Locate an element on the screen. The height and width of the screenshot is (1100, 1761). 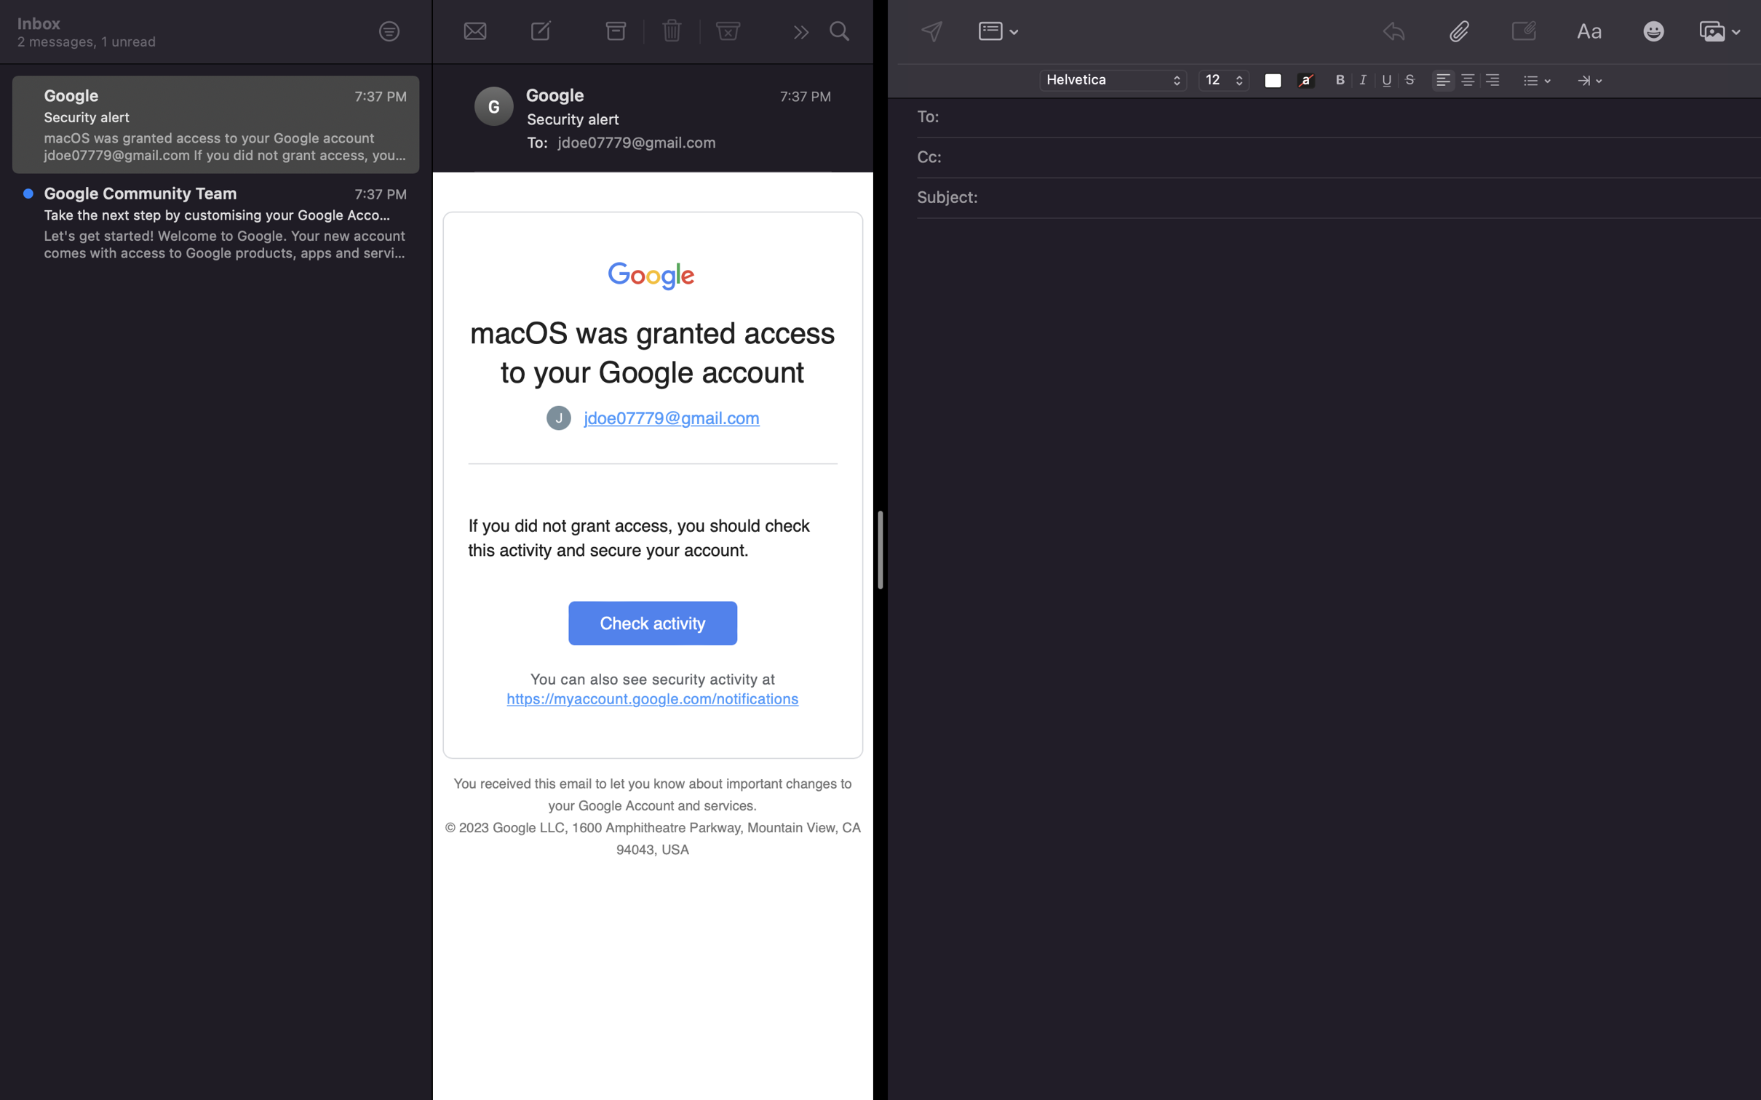
"alex@gmail.com" as the recipient of the email is located at coordinates (1349, 118).